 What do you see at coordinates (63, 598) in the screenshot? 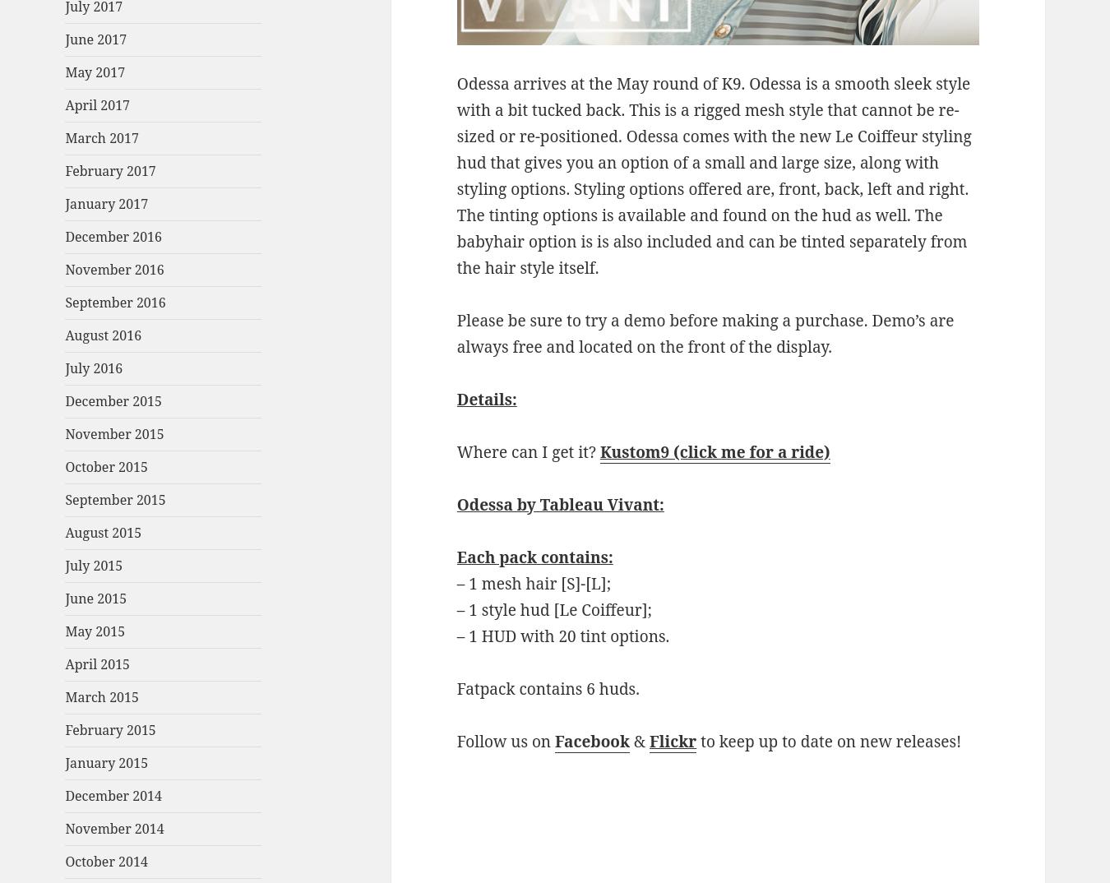
I see `'June 2015'` at bounding box center [63, 598].